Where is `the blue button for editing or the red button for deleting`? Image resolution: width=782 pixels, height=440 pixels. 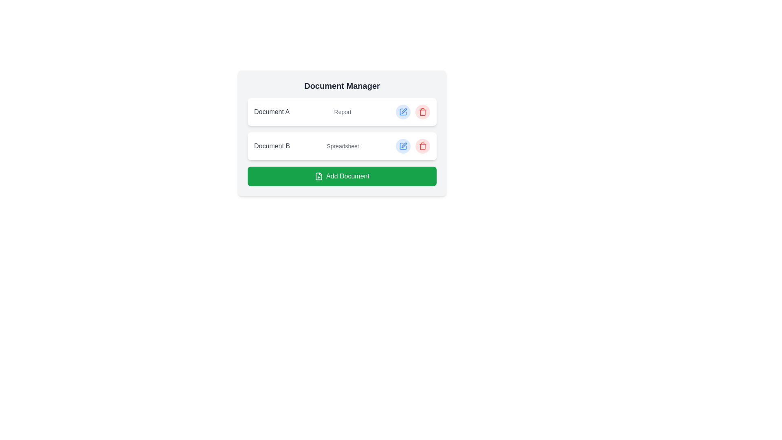 the blue button for editing or the red button for deleting is located at coordinates (413, 145).